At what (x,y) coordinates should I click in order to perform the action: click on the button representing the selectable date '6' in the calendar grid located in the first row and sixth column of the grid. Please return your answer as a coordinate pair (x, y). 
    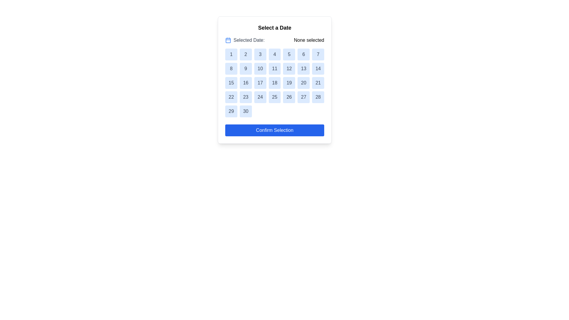
    Looking at the image, I should click on (303, 55).